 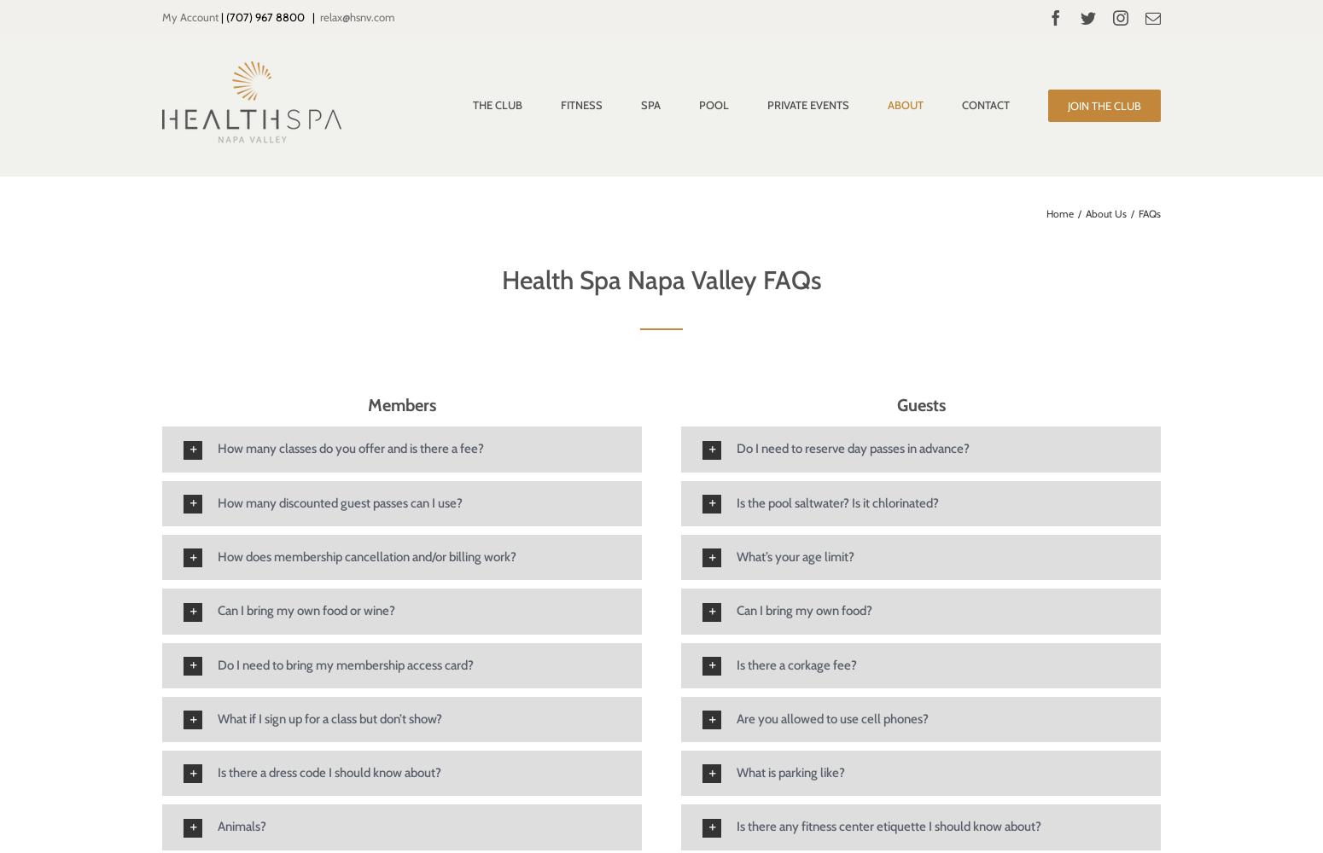 What do you see at coordinates (640, 104) in the screenshot?
I see `'SPA'` at bounding box center [640, 104].